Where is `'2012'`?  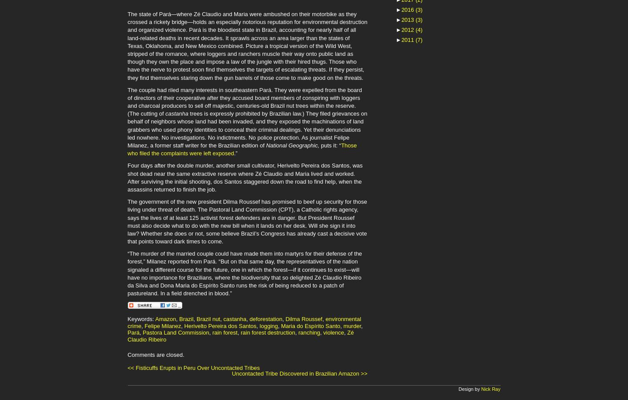 '2012' is located at coordinates (408, 29).